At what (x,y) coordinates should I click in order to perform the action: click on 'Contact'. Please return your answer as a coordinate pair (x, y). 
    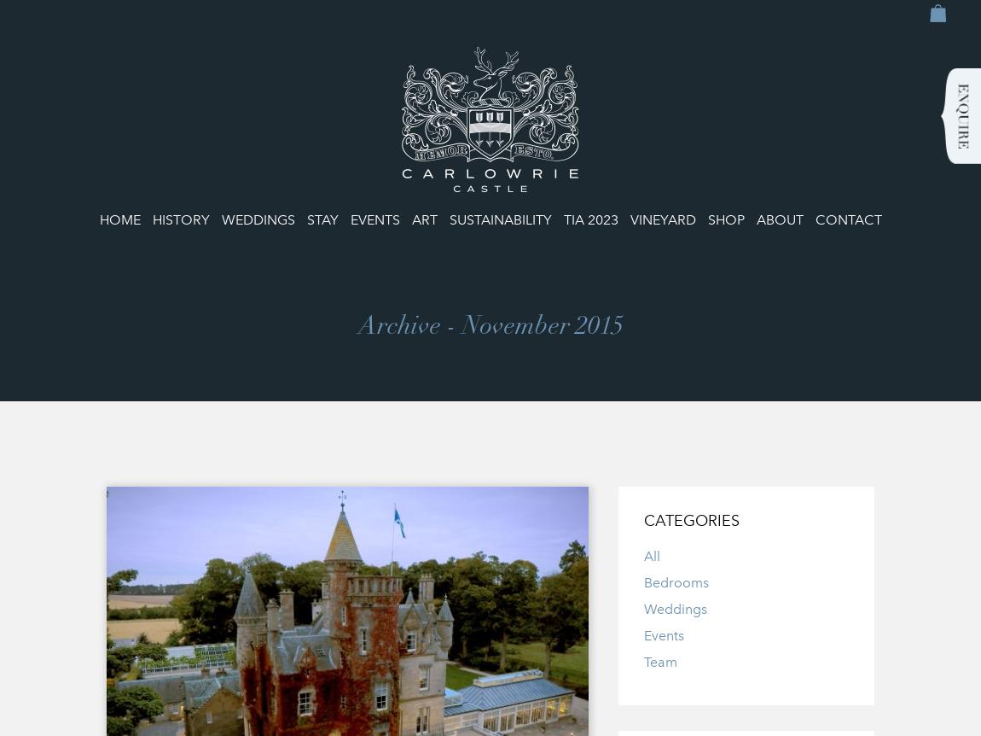
    Looking at the image, I should click on (847, 219).